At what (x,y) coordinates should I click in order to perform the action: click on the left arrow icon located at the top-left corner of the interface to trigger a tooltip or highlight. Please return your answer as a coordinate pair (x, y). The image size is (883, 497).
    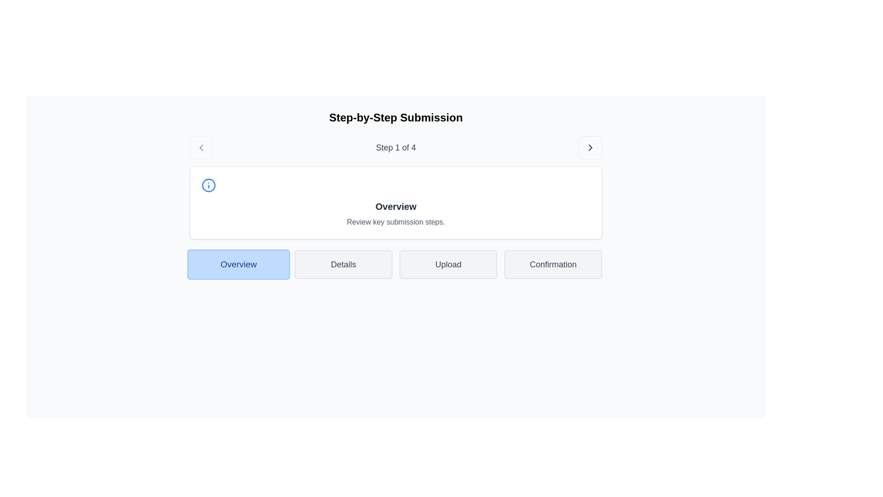
    Looking at the image, I should click on (201, 147).